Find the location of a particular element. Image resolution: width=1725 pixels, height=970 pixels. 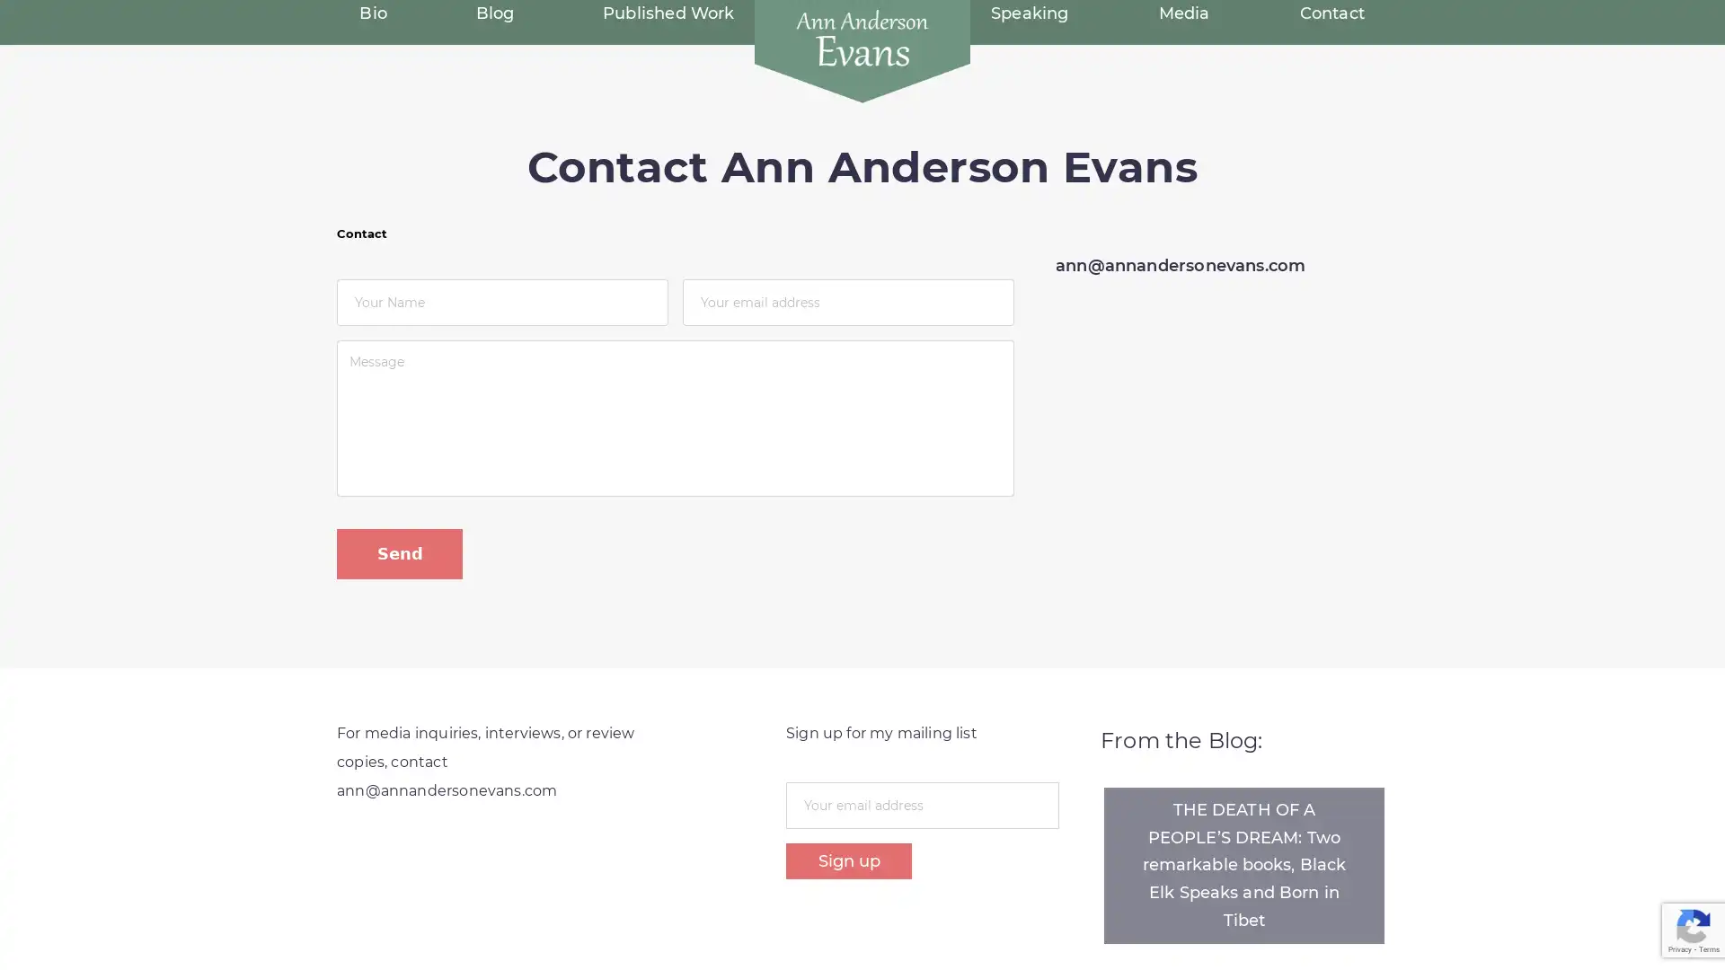

Sign up is located at coordinates (848, 860).